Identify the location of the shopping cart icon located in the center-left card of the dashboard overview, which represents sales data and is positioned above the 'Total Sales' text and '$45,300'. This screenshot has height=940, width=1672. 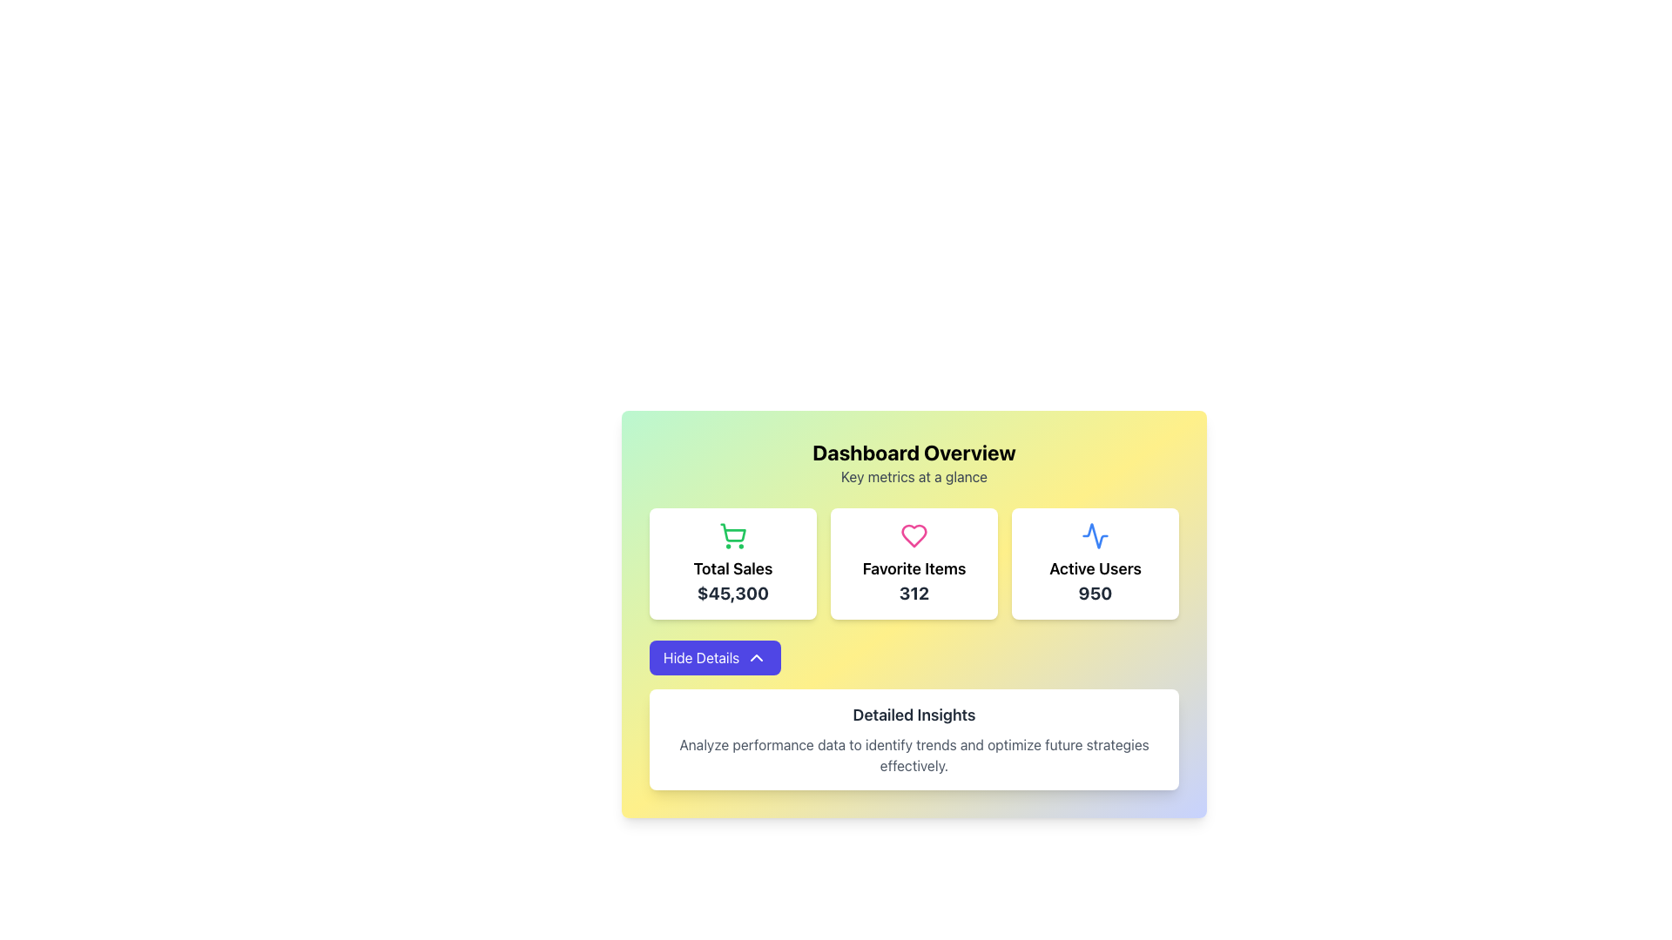
(732, 535).